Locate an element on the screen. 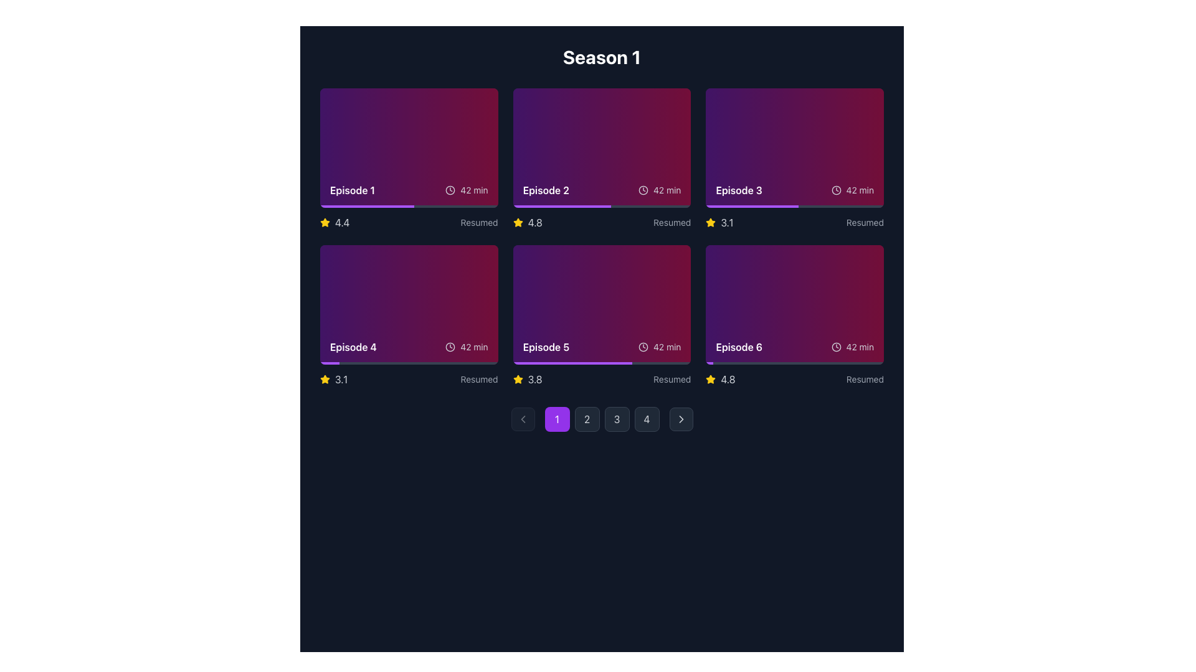  the gray clock icon located in the top-right corner of the 'Episode 5' card, positioned to the left of the '42 min' text is located at coordinates (643, 347).